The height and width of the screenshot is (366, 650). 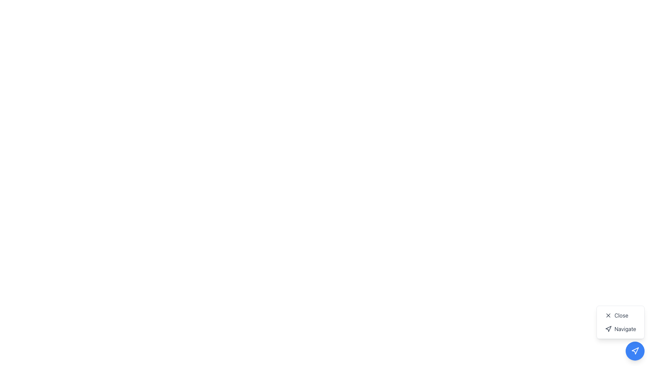 I want to click on the close button located at the top of the dropdown list, so click(x=621, y=315).